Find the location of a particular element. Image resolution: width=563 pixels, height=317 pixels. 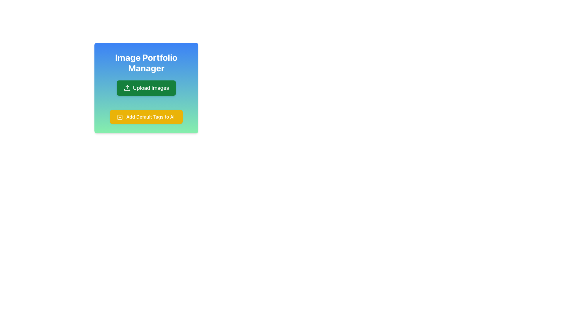

the green button labeled 'Upload Images' with an upload icon is located at coordinates (146, 88).